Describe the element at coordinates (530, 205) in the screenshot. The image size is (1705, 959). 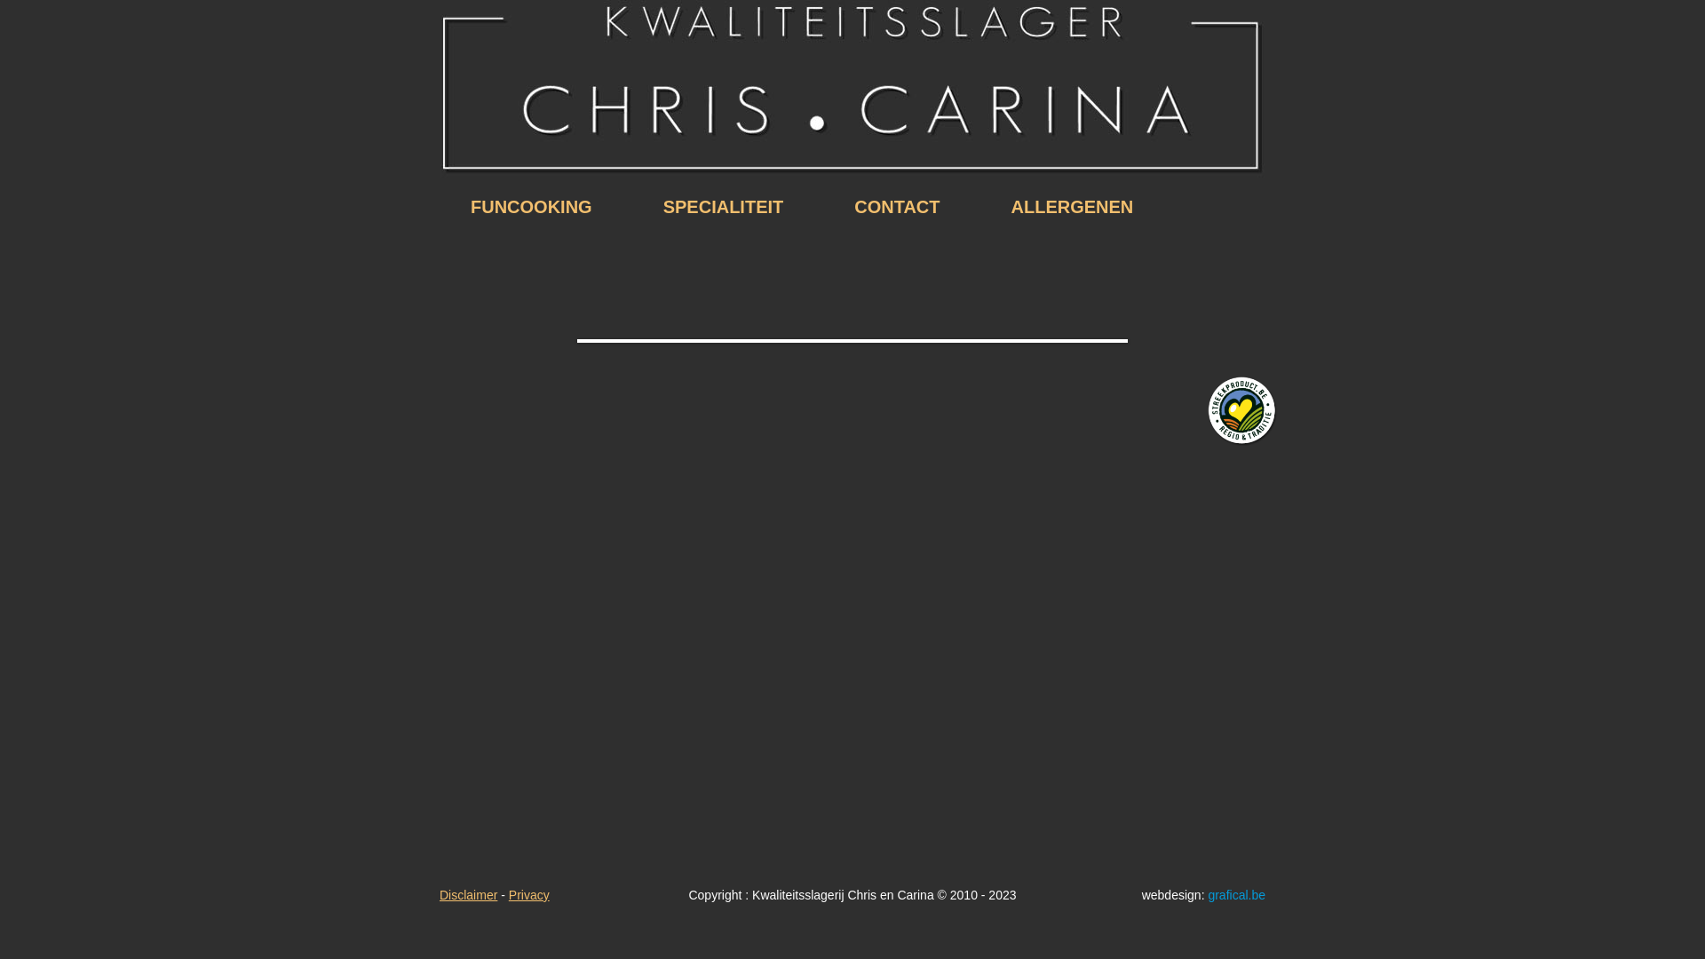
I see `'FUNCOOKING'` at that location.